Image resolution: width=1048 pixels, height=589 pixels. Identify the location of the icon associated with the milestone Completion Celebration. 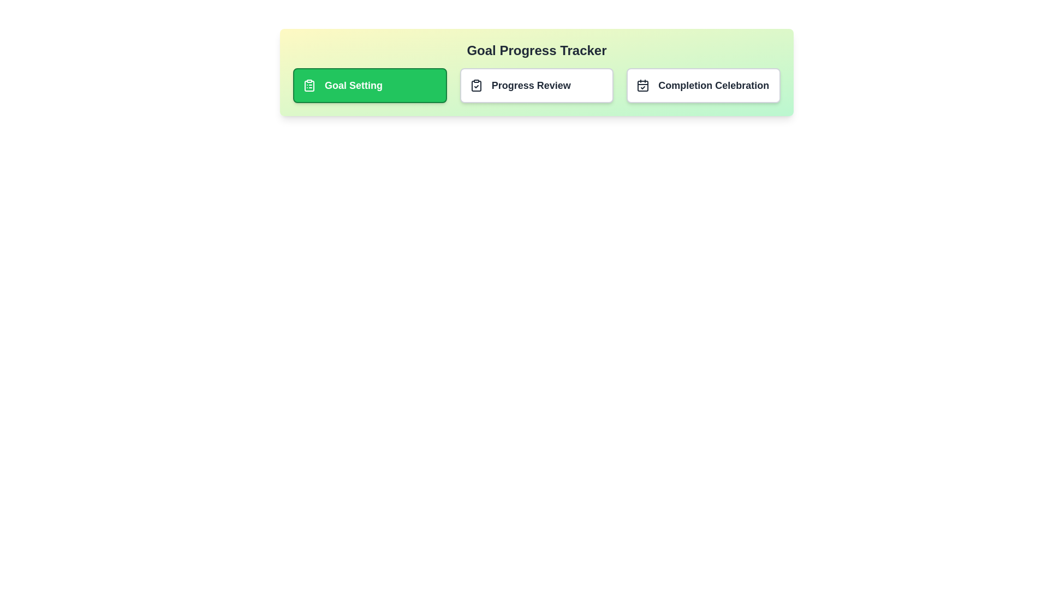
(642, 85).